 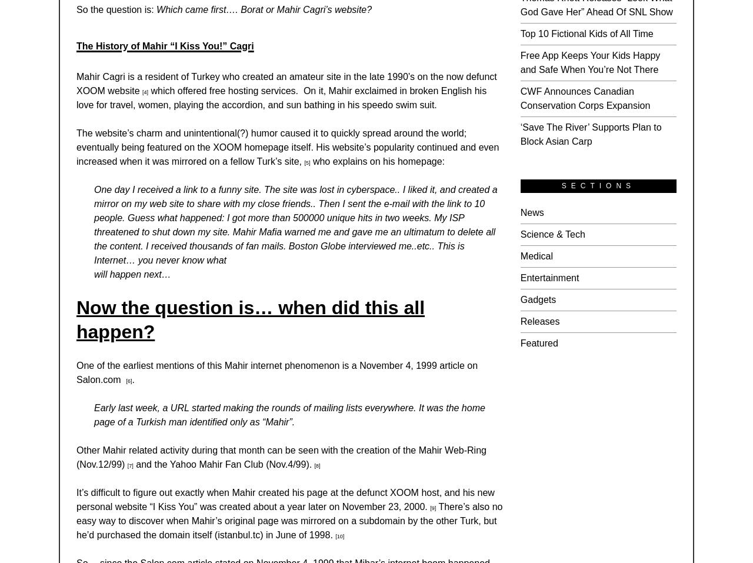 I want to click on '[6]', so click(x=126, y=380).